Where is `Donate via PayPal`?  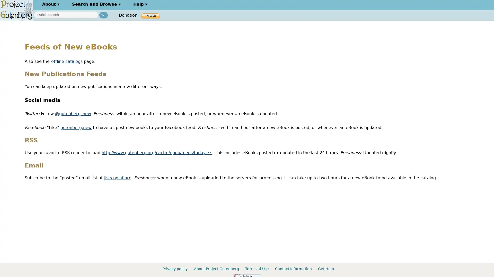
Donate via PayPal is located at coordinates (150, 15).